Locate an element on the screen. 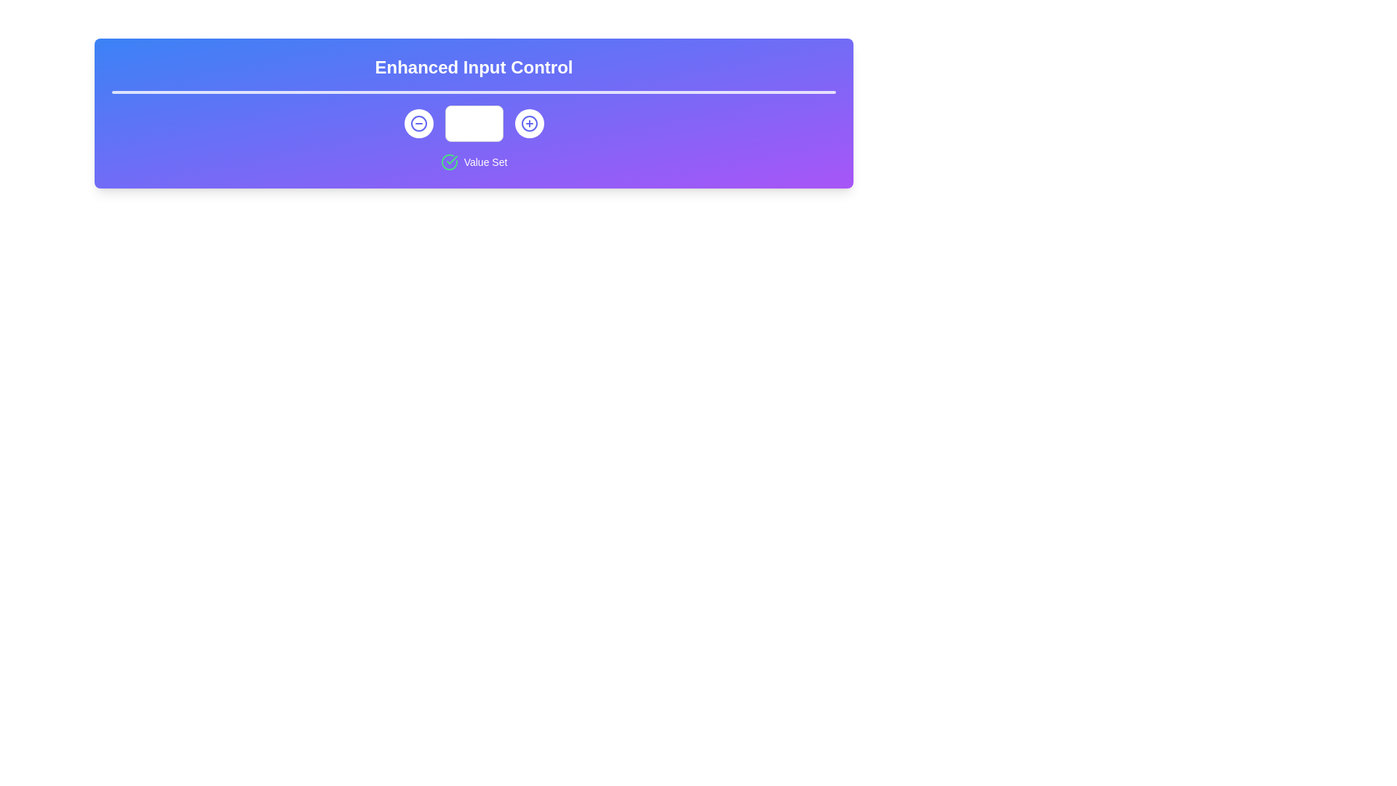 This screenshot has height=786, width=1397. the SVG circle element located centrally in the circle-minus icon to the left of the input field is located at coordinates (418, 122).